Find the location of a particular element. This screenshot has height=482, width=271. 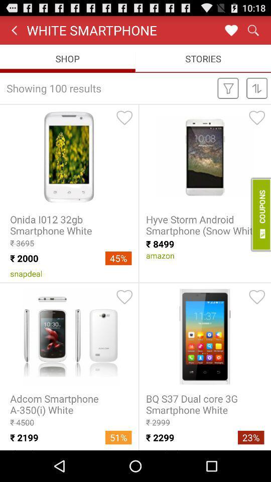

of the heart symbol which is top right side of hyve storm android smartphone is located at coordinates (256, 118).